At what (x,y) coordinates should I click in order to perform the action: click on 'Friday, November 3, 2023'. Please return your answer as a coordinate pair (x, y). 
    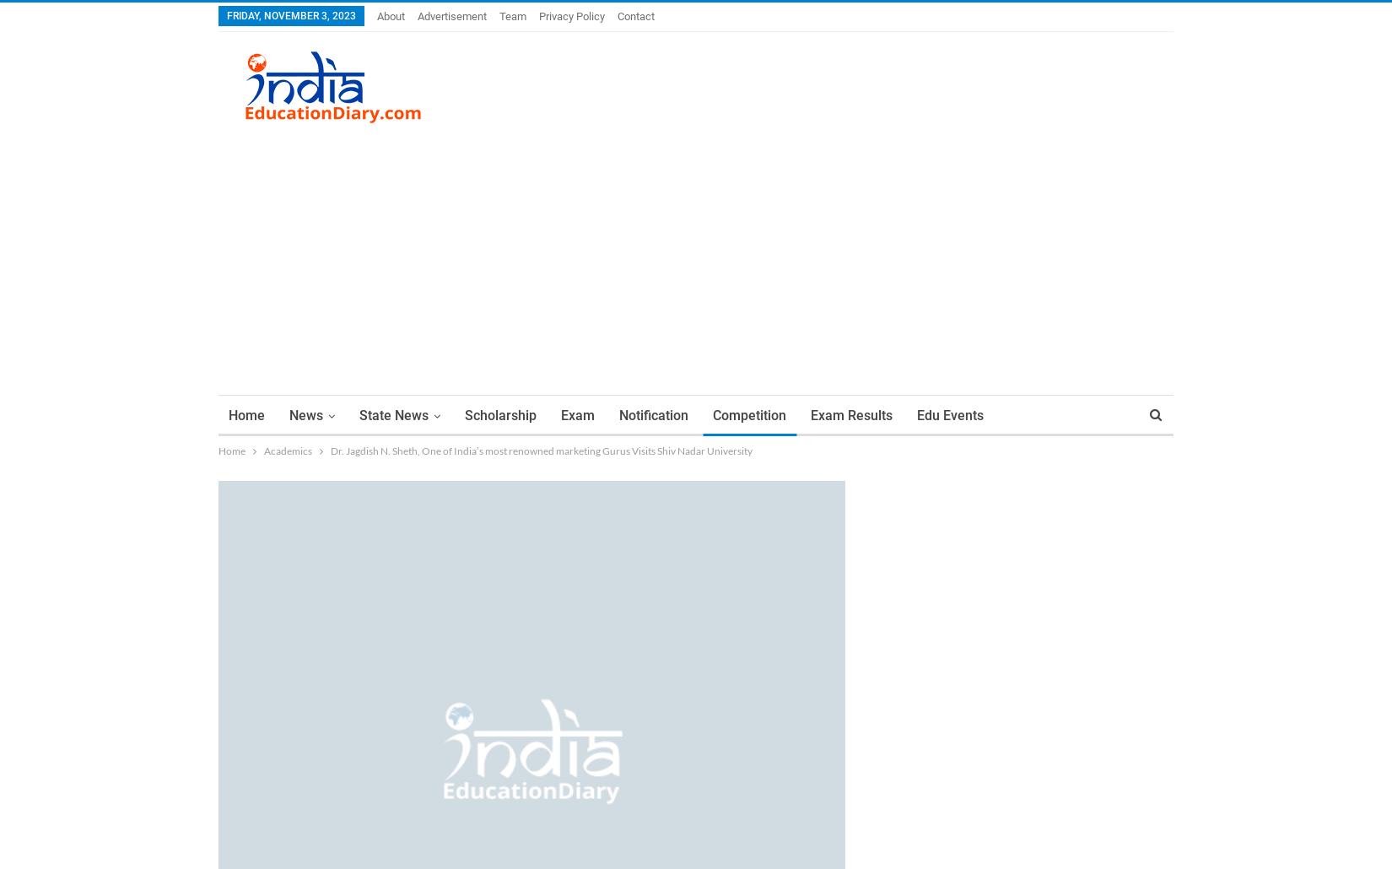
    Looking at the image, I should click on (291, 15).